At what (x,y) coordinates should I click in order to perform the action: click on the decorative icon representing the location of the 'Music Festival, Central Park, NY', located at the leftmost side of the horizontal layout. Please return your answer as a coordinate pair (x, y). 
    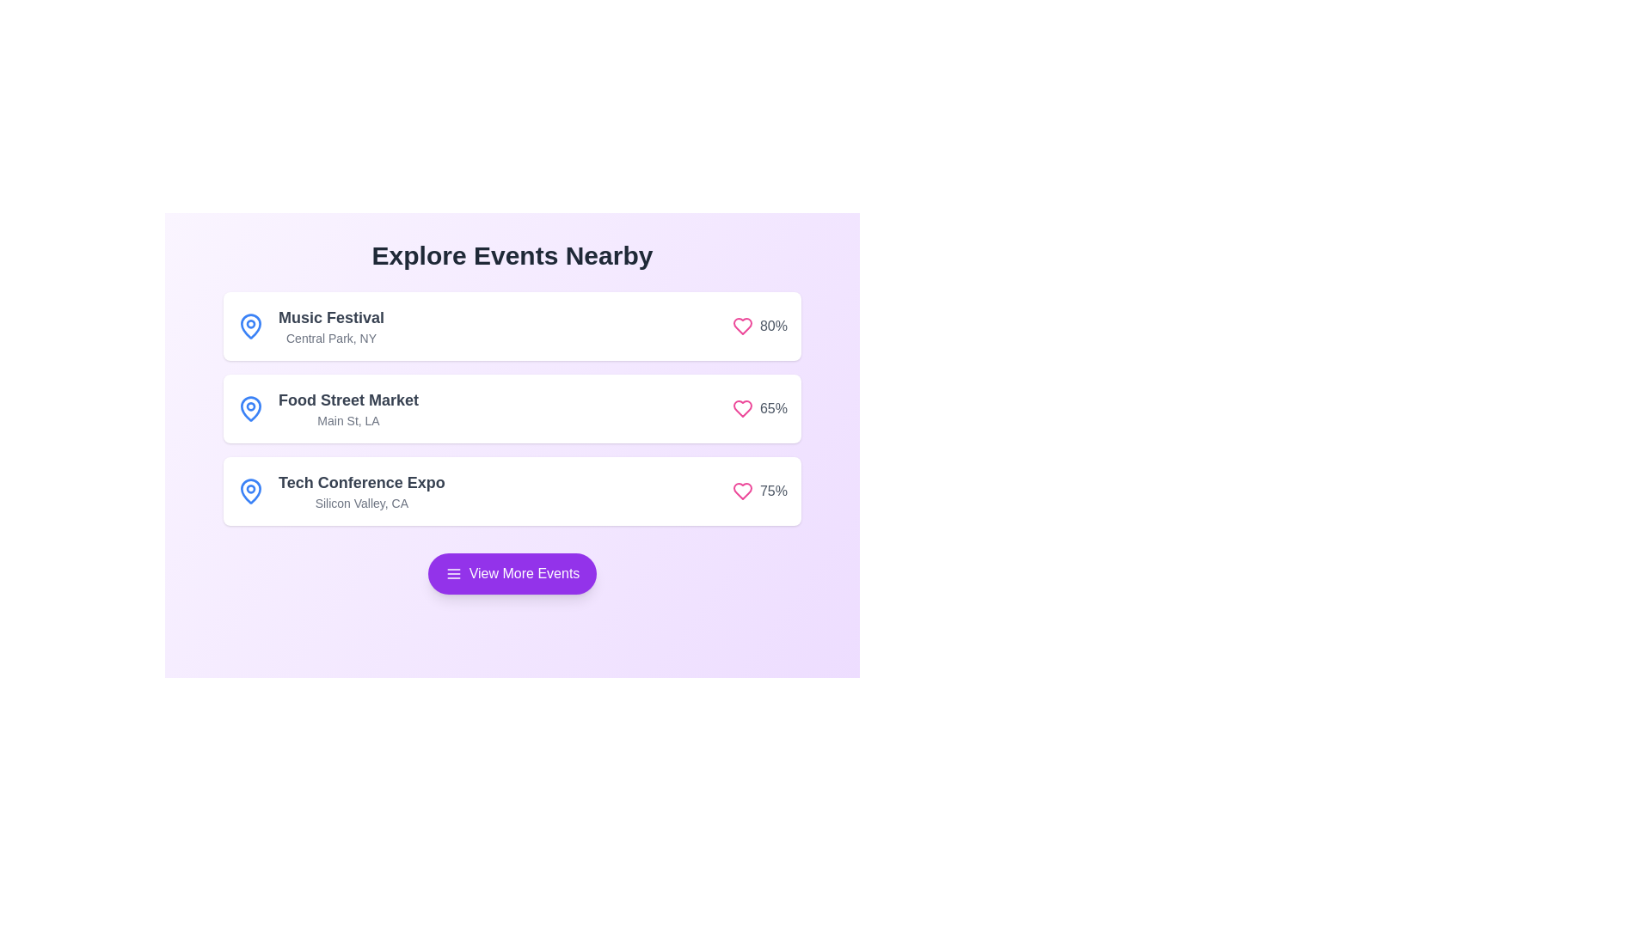
    Looking at the image, I should click on (250, 327).